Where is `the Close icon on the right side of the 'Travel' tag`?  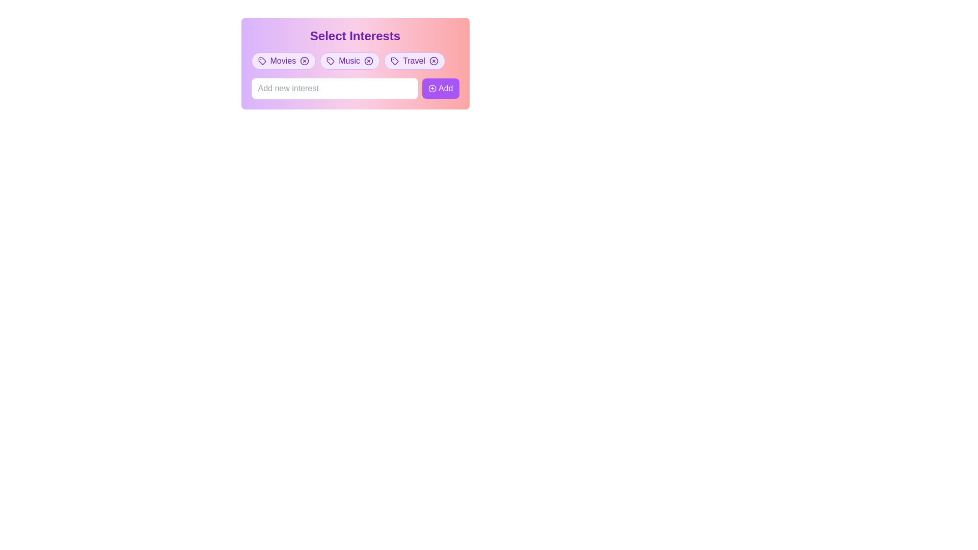 the Close icon on the right side of the 'Travel' tag is located at coordinates (433, 61).